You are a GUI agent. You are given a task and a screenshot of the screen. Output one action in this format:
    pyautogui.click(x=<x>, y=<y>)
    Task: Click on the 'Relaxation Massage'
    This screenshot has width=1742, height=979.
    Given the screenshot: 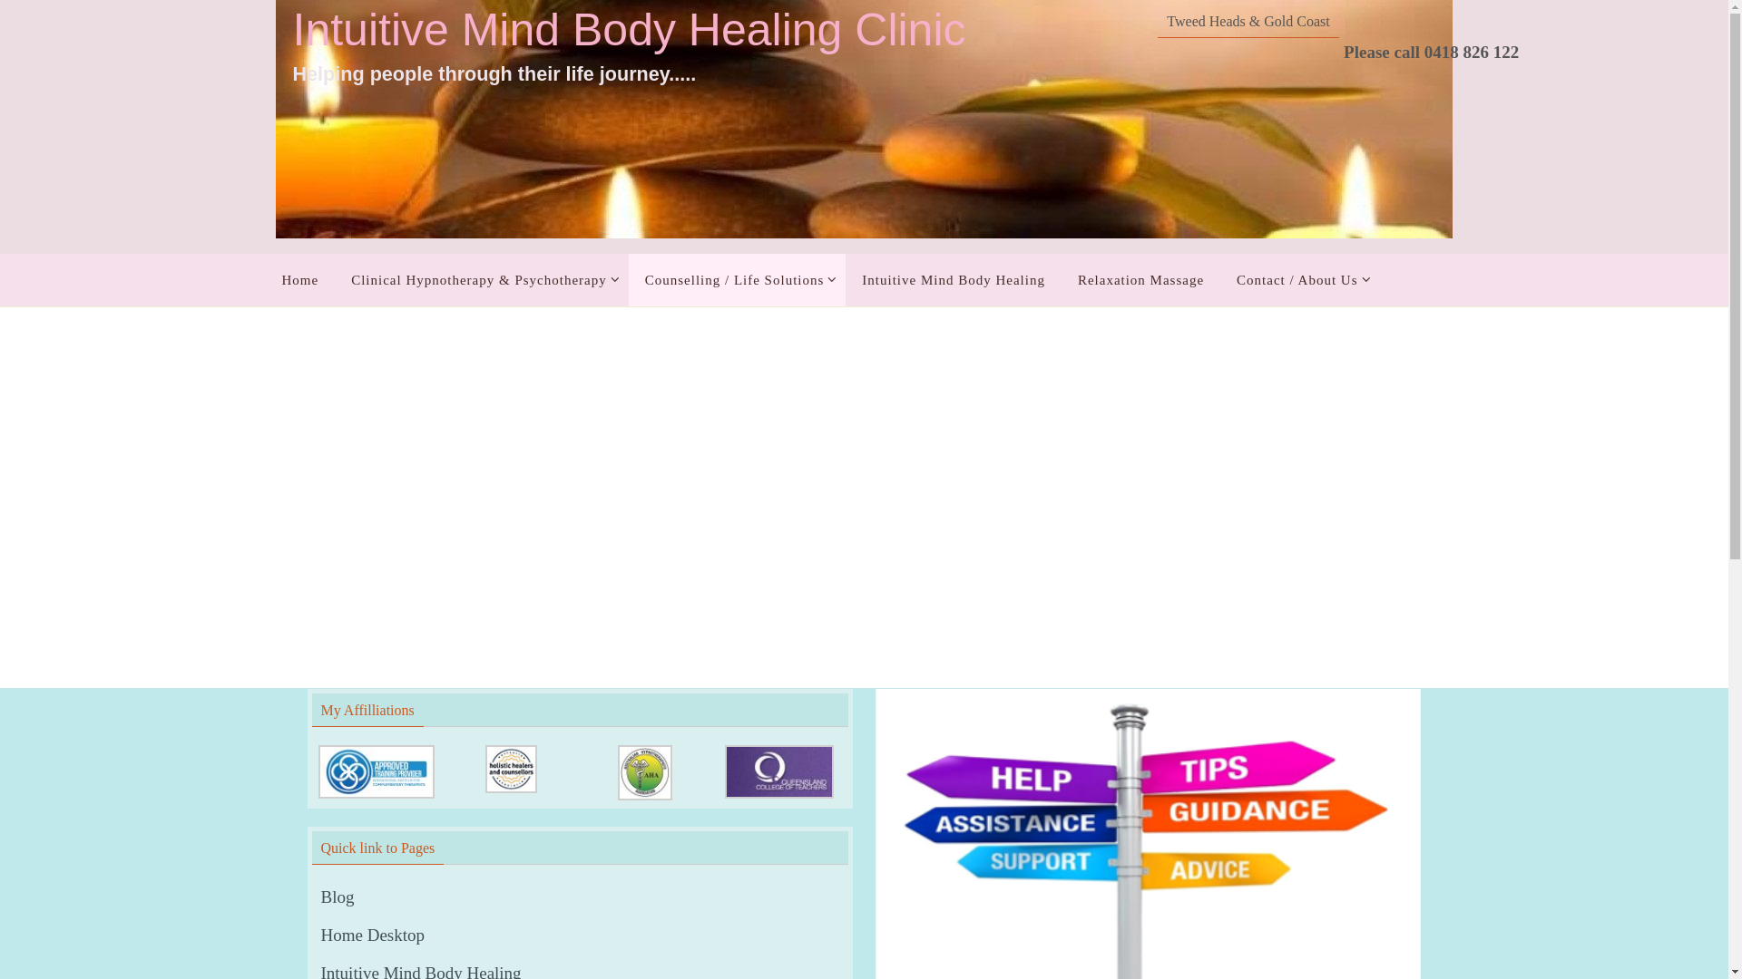 What is the action you would take?
    pyautogui.click(x=1062, y=279)
    